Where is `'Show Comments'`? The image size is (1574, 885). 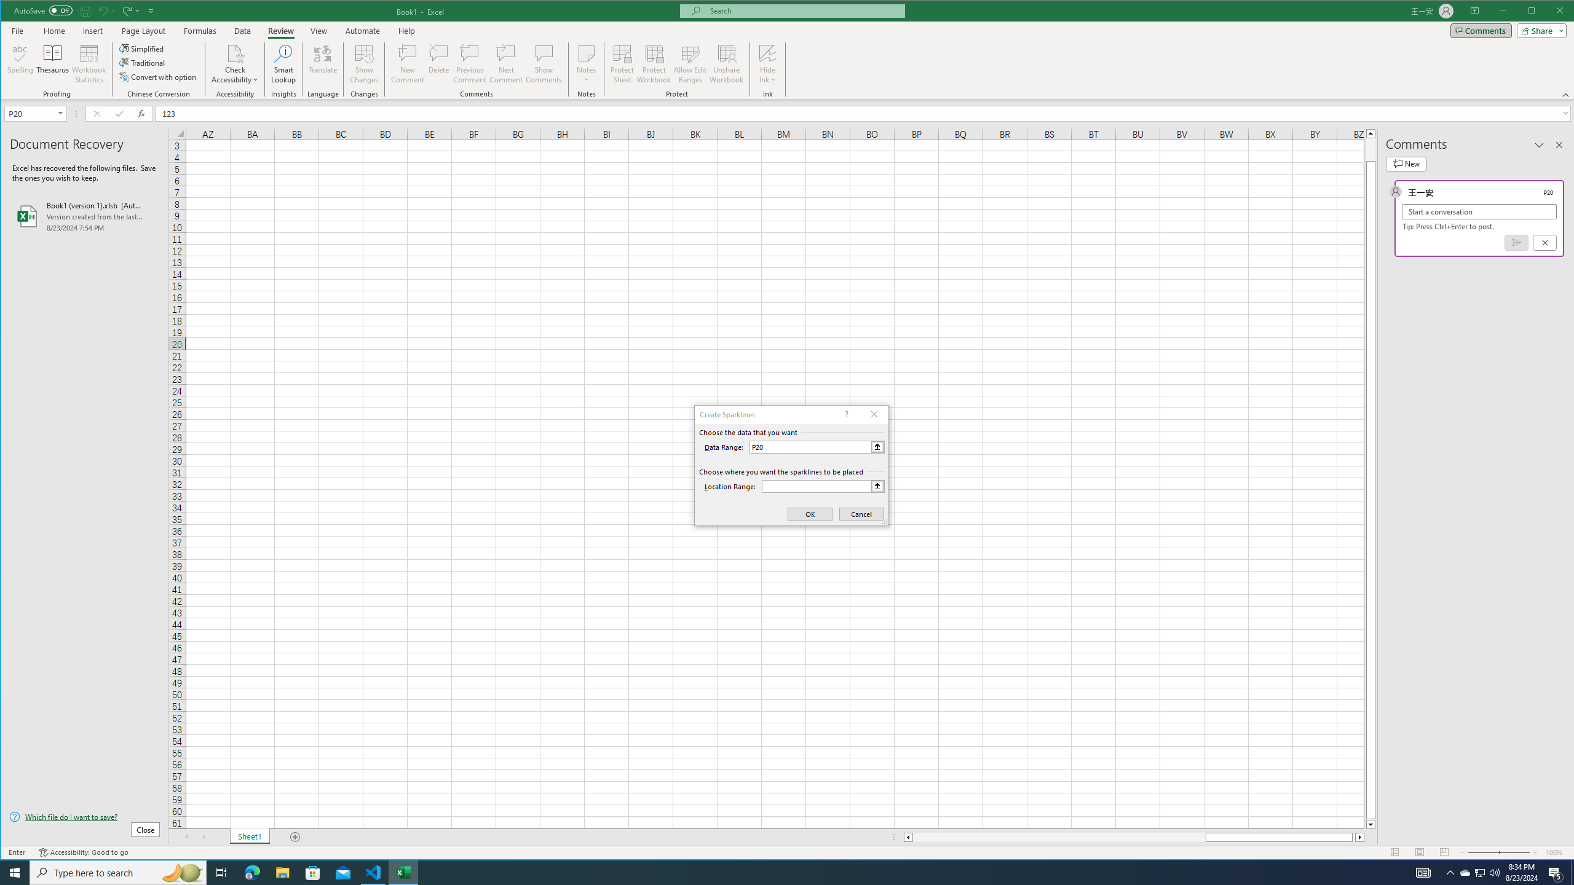 'Show Comments' is located at coordinates (544, 63).